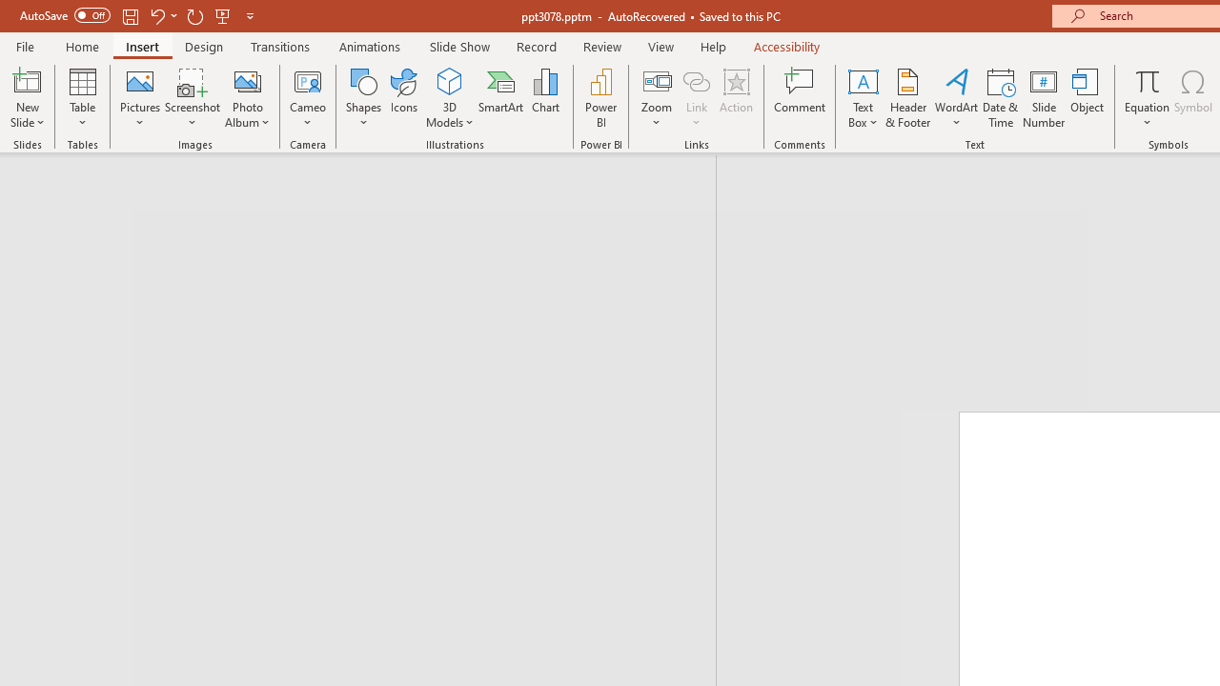 This screenshot has width=1220, height=686. Describe the element at coordinates (193, 98) in the screenshot. I see `'Screenshot'` at that location.